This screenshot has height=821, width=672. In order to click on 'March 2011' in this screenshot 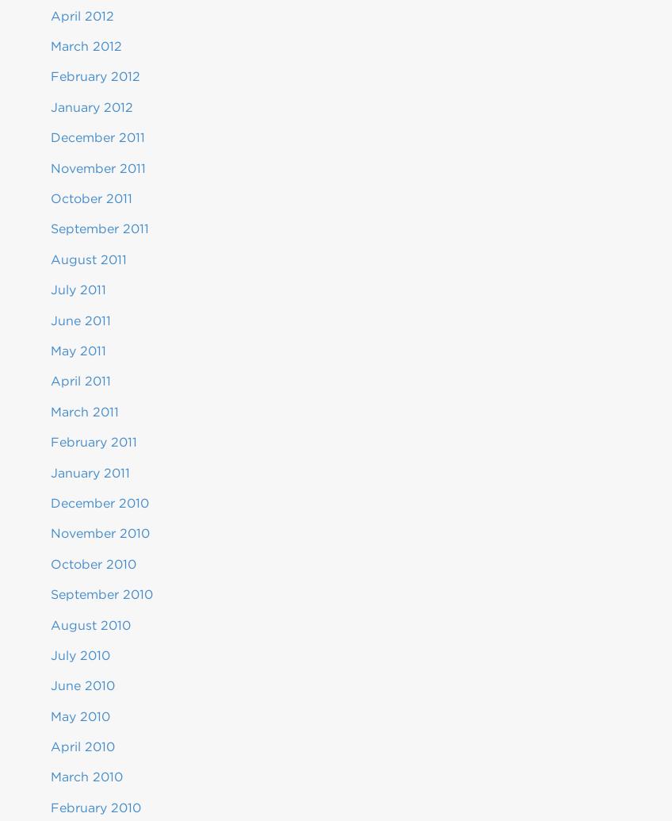, I will do `click(84, 411)`.